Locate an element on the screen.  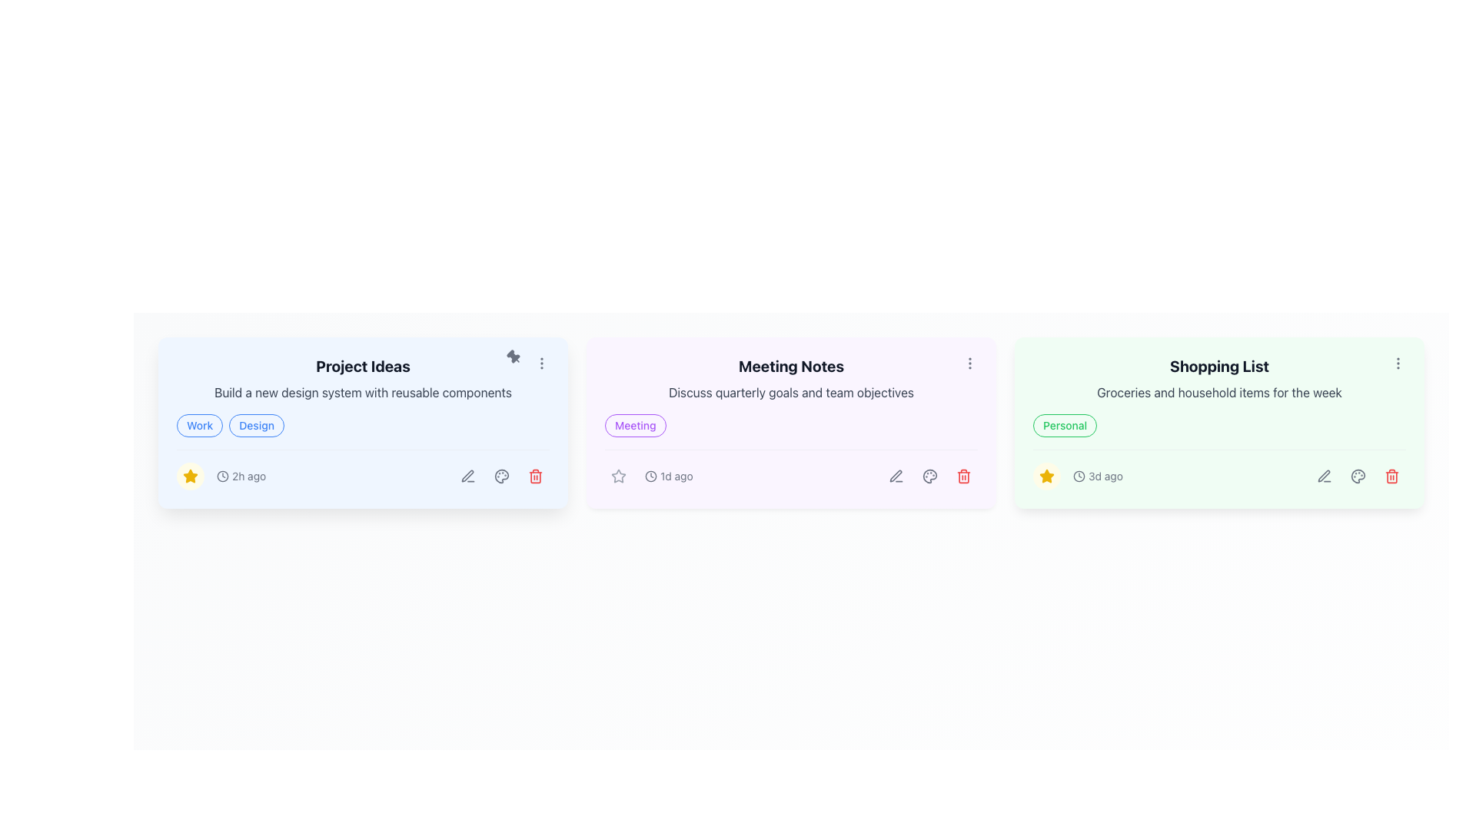
the green progress indicator or status bar located at the bottom edge of the 'Shopping List' card to gather its status is located at coordinates (1218, 506).